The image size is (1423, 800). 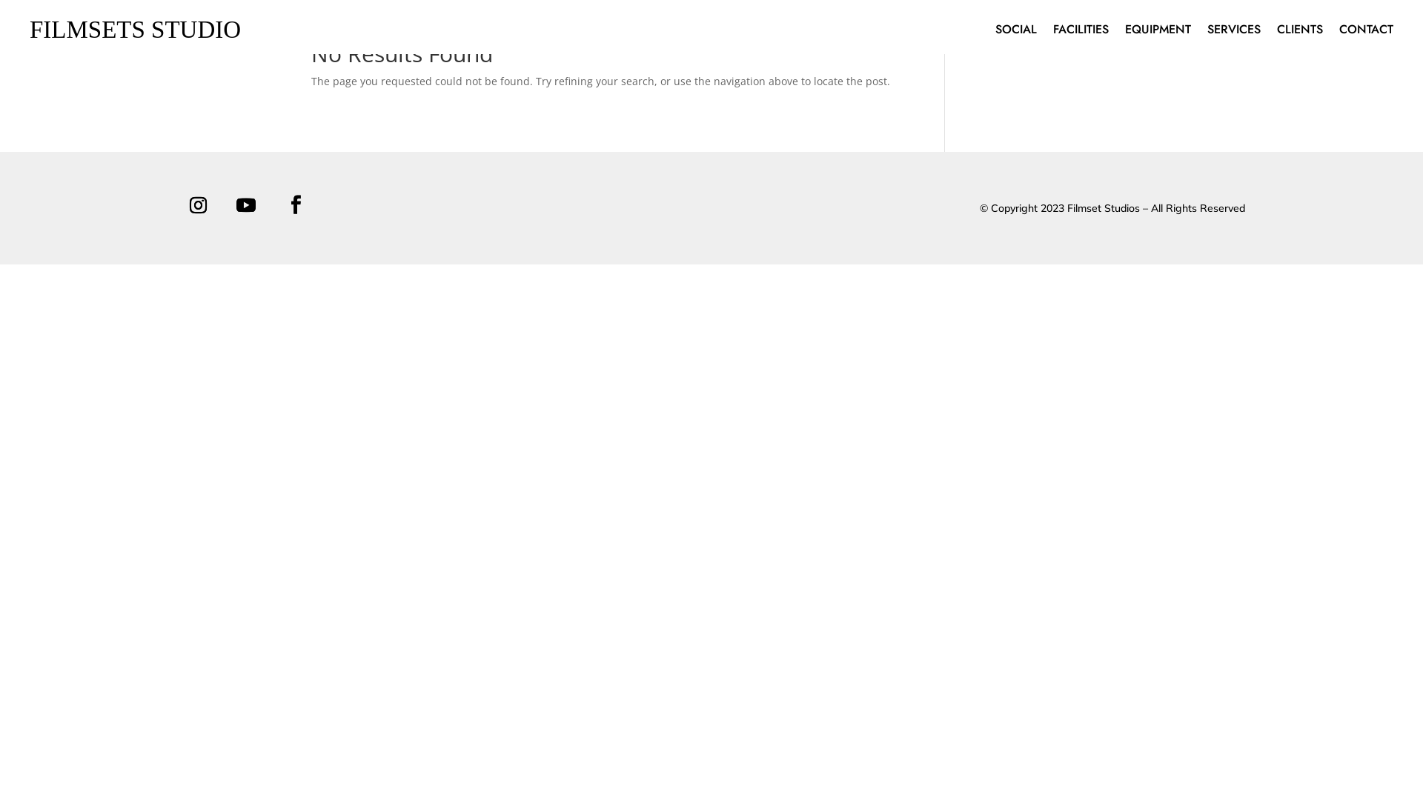 I want to click on 'CONTACT', so click(x=1365, y=32).